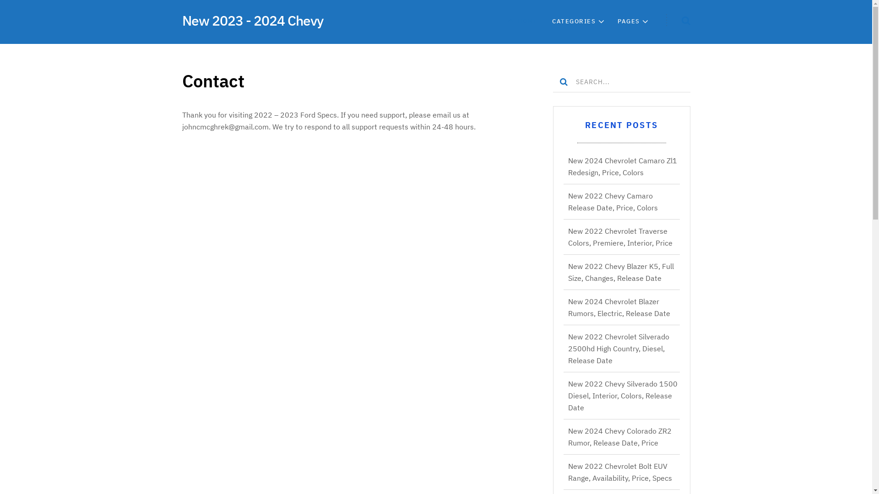 The image size is (879, 494). I want to click on 'PAGES', so click(628, 21).